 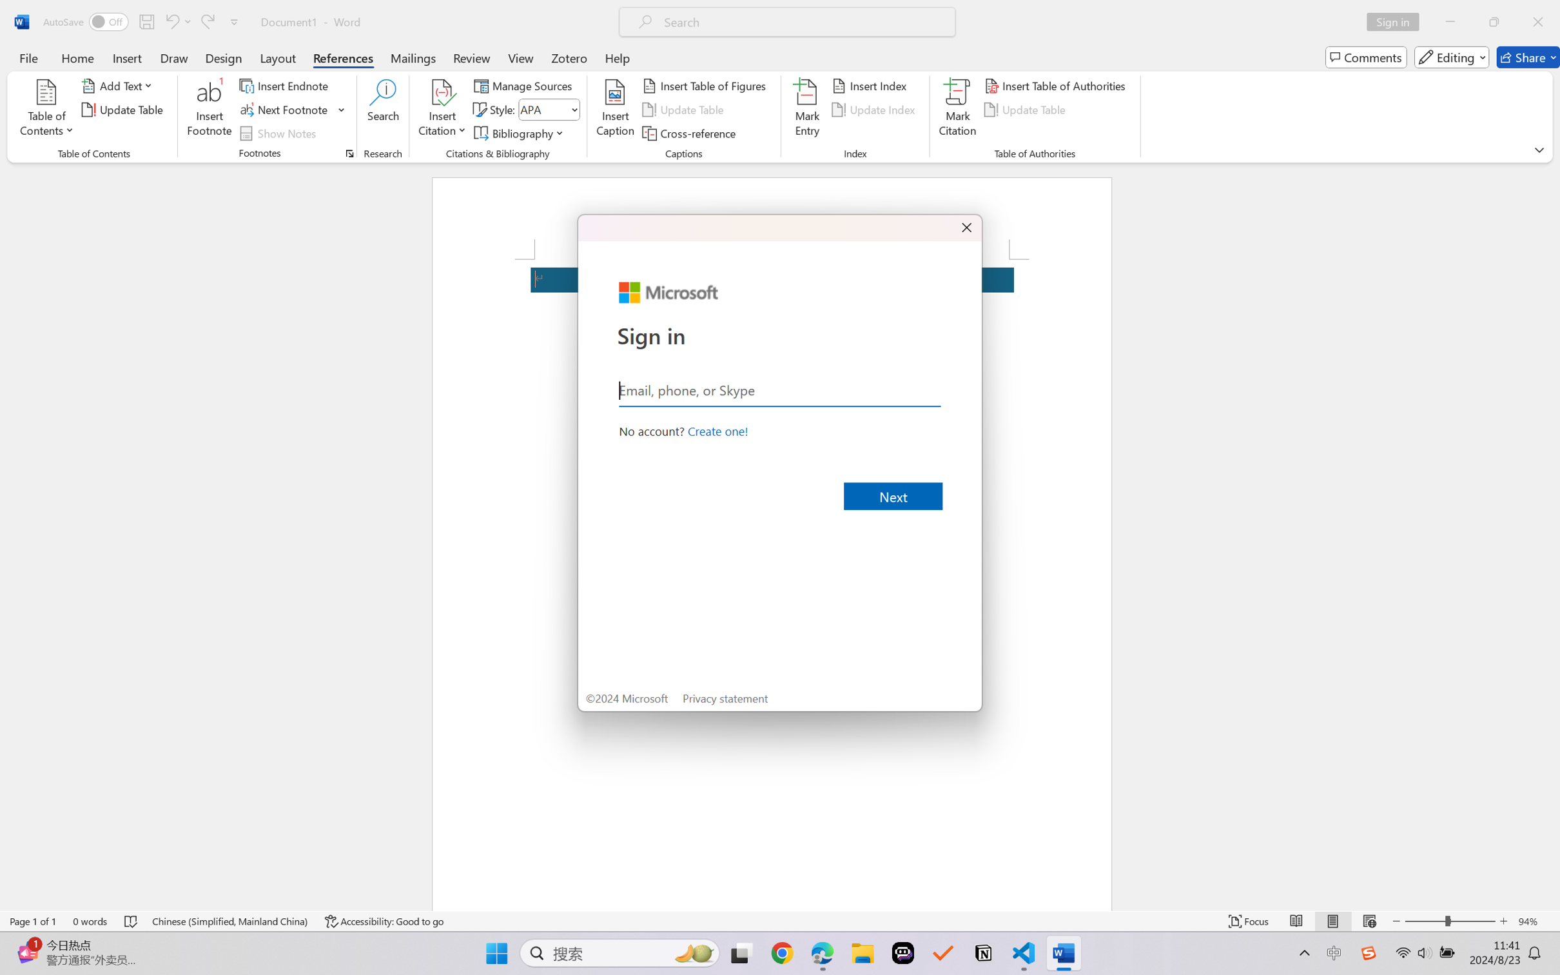 What do you see at coordinates (957, 110) in the screenshot?
I see `'Mark Citation...'` at bounding box center [957, 110].